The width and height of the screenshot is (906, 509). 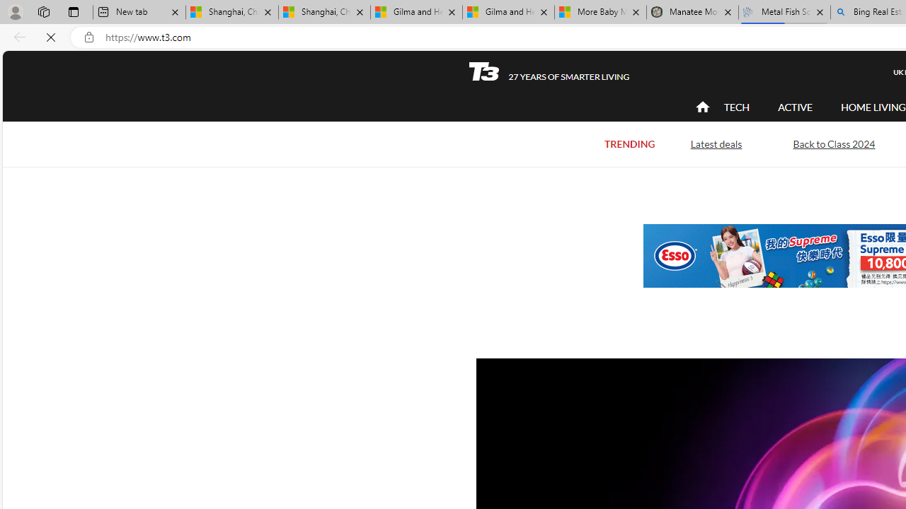 What do you see at coordinates (716, 144) in the screenshot?
I see `'Latest deals'` at bounding box center [716, 144].